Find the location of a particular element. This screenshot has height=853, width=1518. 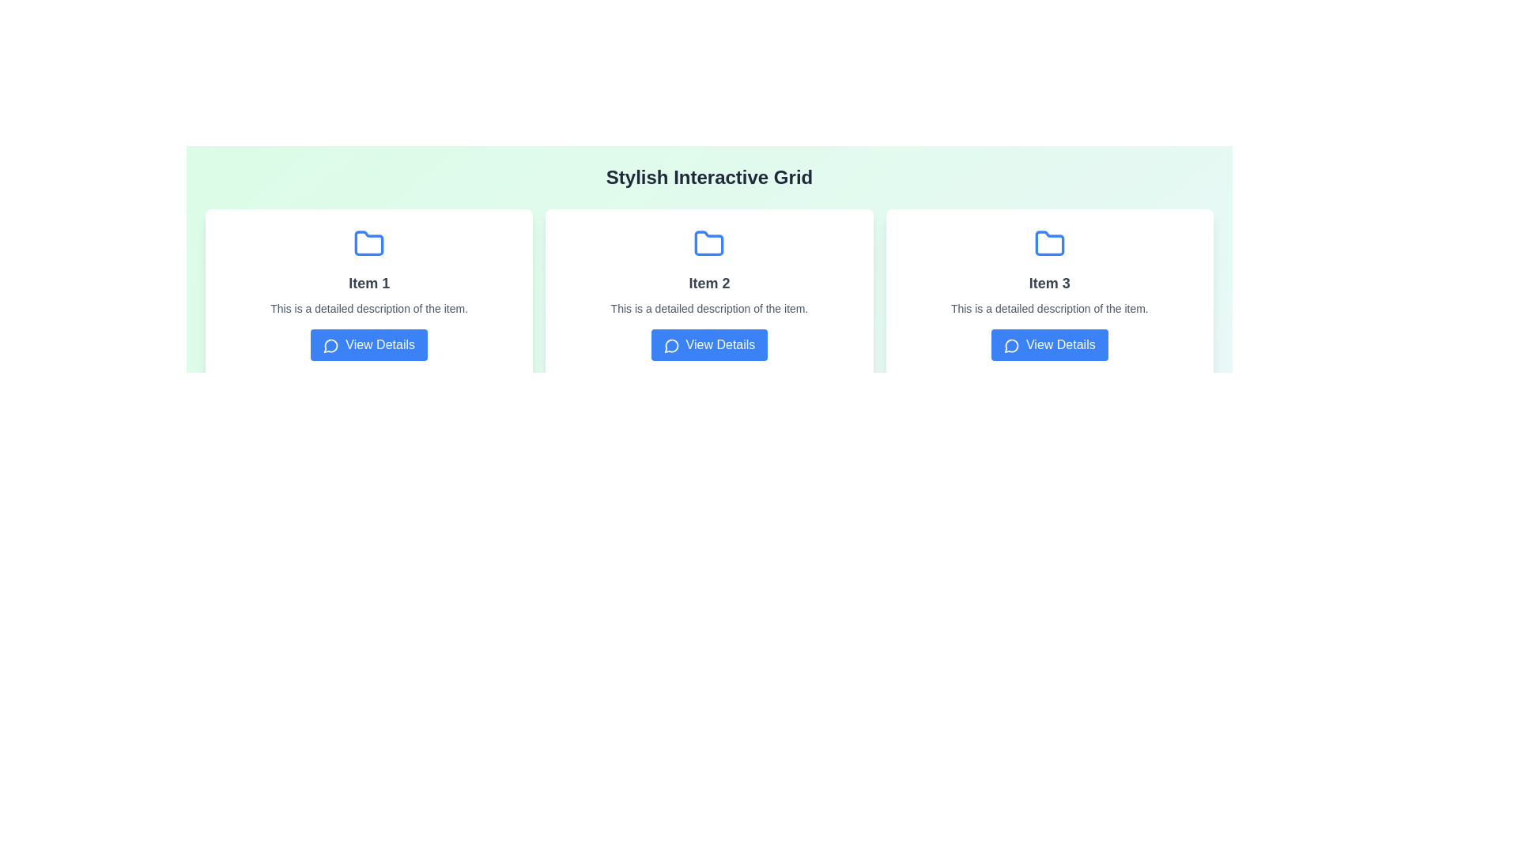

the Text Label that indicates the content for 'Item 3' in the third column of a three-column grid layout is located at coordinates (1049, 282).